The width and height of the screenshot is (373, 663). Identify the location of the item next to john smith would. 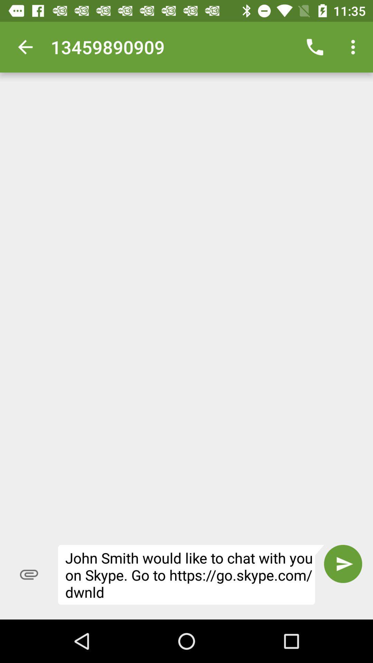
(343, 564).